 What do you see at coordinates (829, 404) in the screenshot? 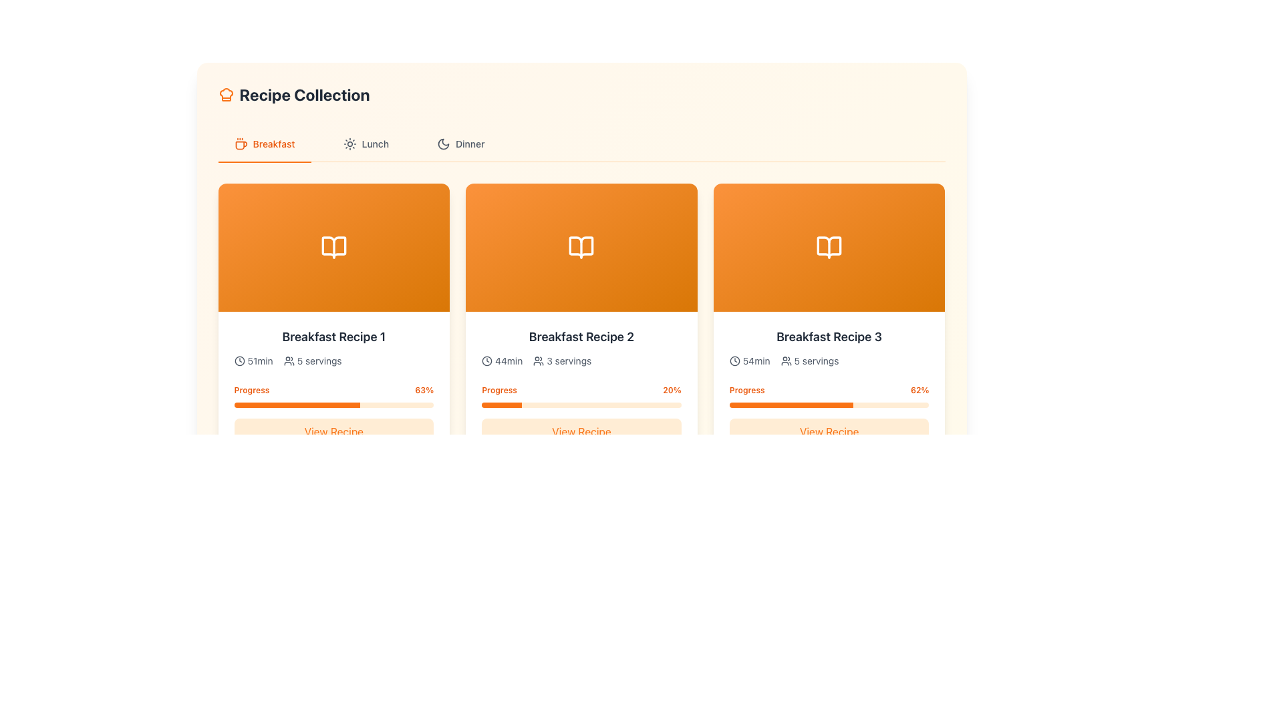
I see `the progress bar with a light orange background, which is located in the third recipe card under the 'Breakfast' tab, below the 'Progress' label and above the 'View Recipe' button, representing the progress of 'Breakfast Recipe 3'` at bounding box center [829, 404].